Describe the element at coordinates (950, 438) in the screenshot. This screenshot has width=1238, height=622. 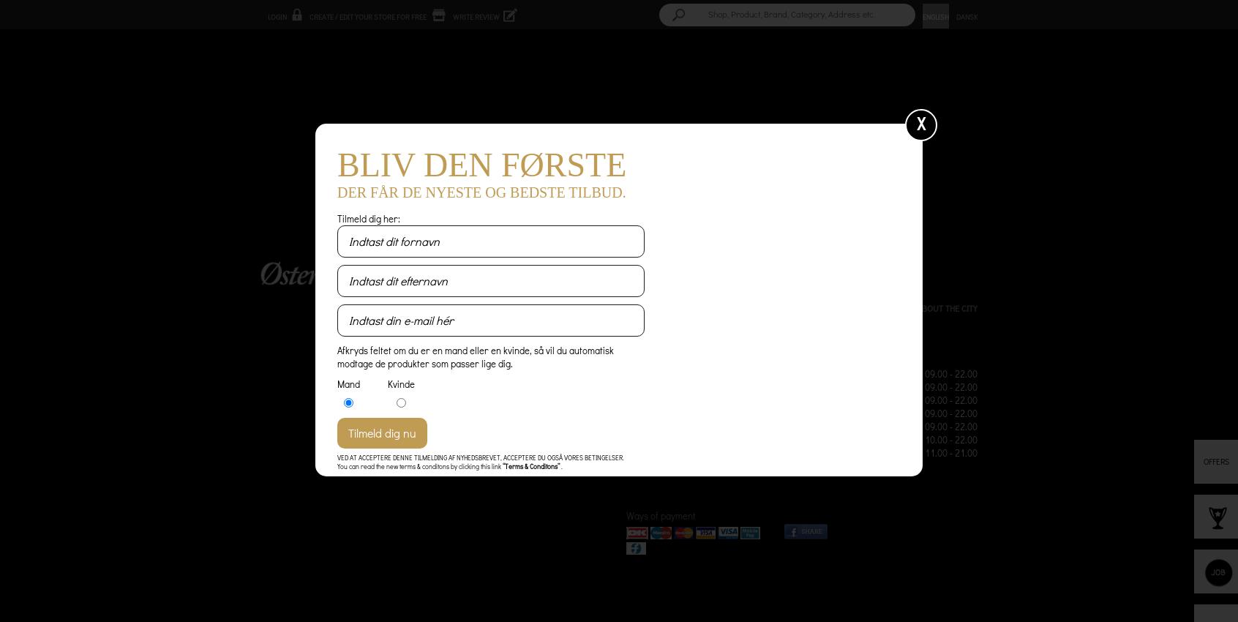
I see `'10.00 - 22.00'` at that location.